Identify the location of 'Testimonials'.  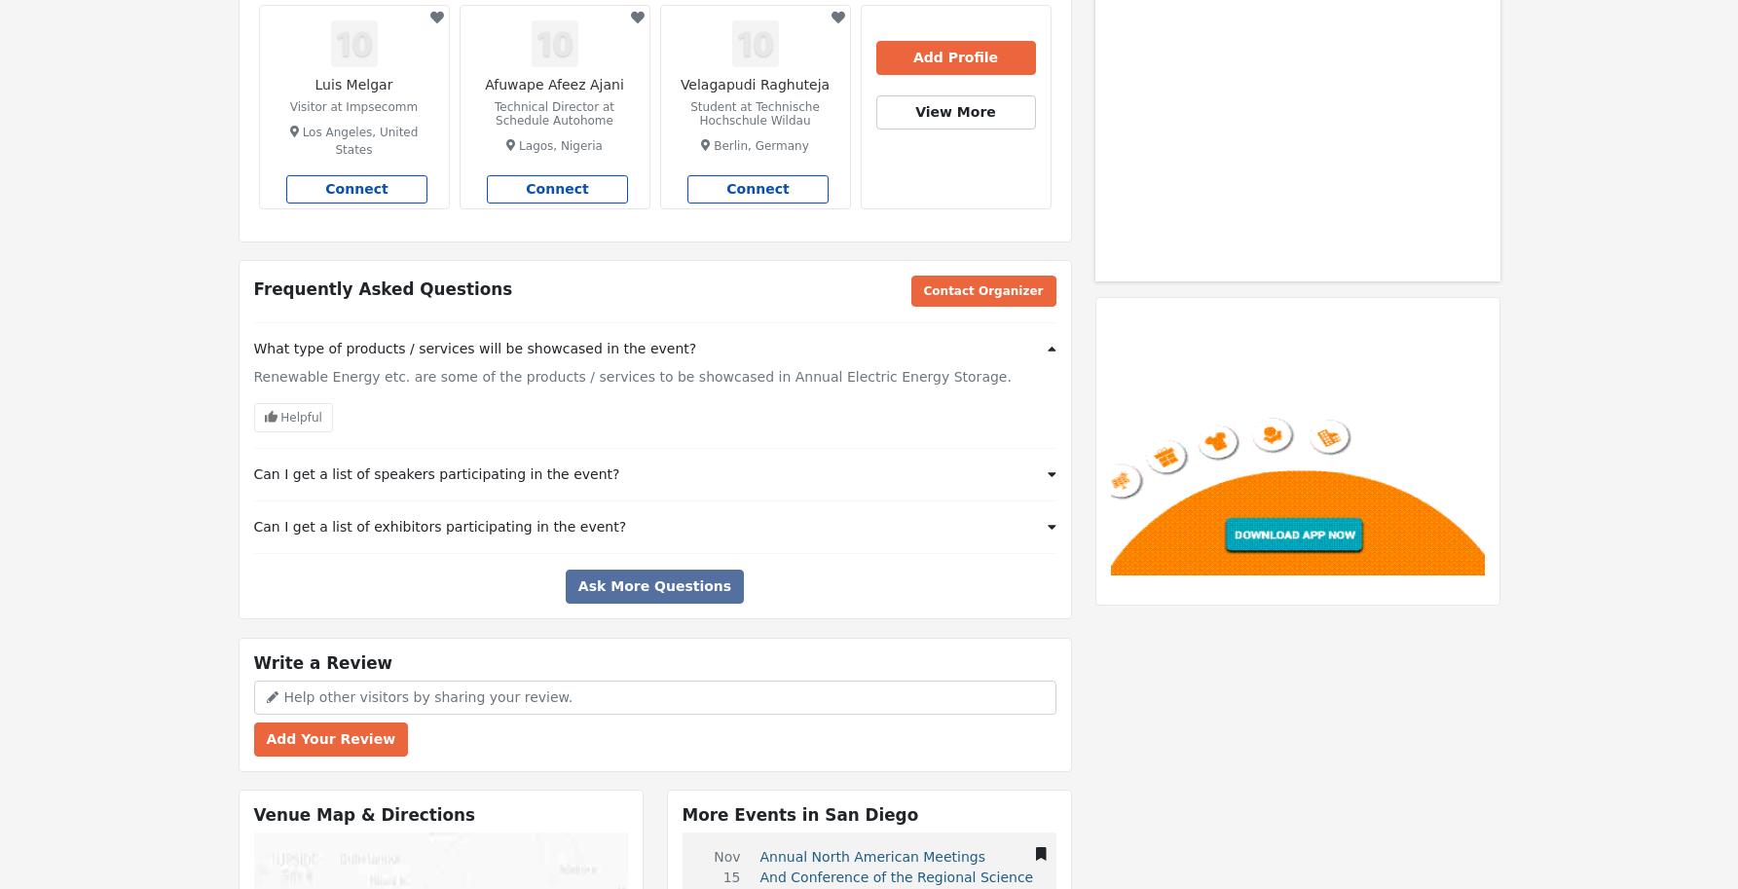
(915, 18).